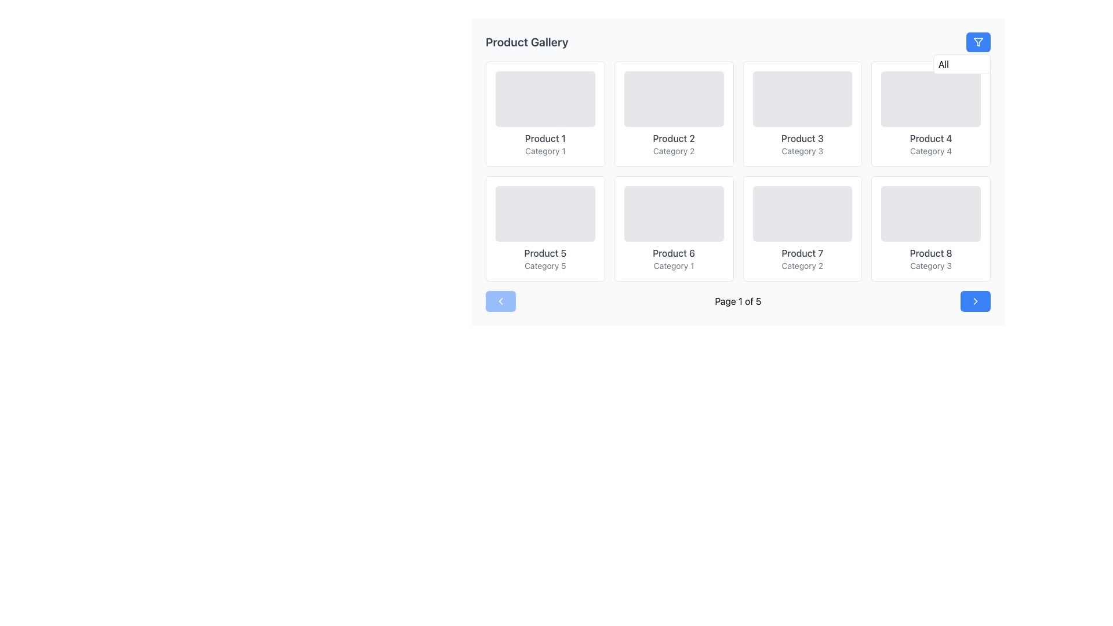 The image size is (1113, 626). I want to click on the Text Label displaying the name or title of an item, located in the second row, third column of a grid layout, positioned below an empty gray box and above 'Category 1', so click(674, 252).